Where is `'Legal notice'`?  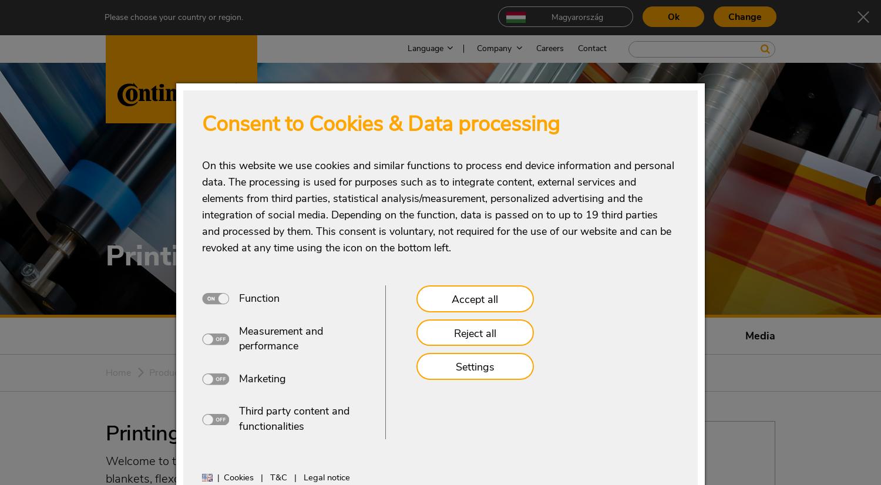 'Legal notice' is located at coordinates (303, 477).